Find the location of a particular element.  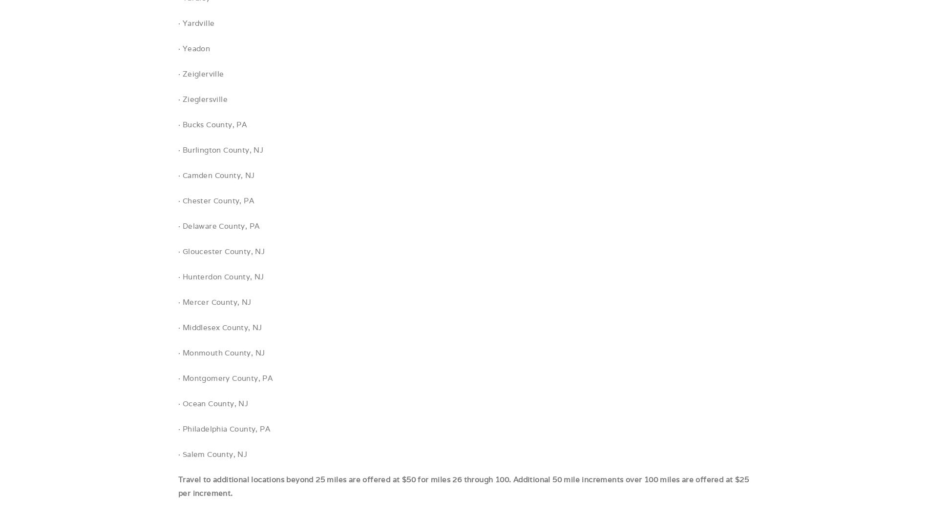

'· Middlesex County, NJ' is located at coordinates (219, 327).